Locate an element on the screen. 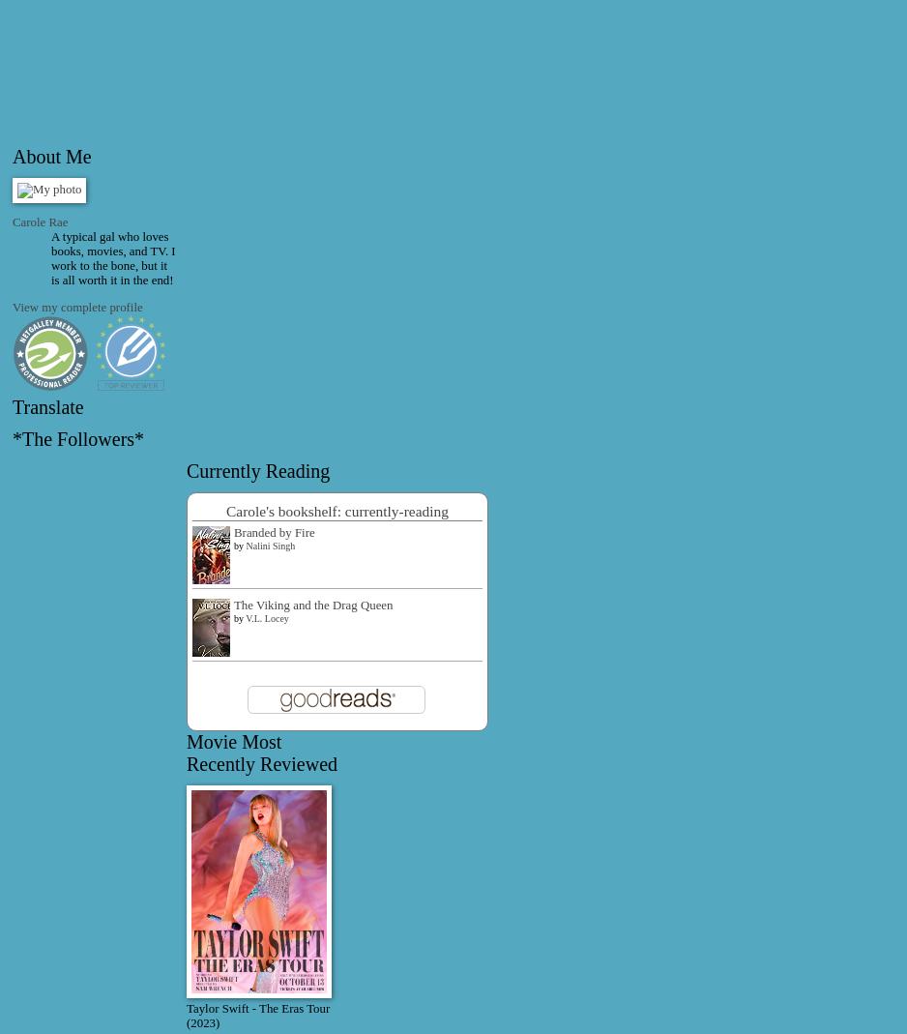 This screenshot has height=1034, width=907. 'Carole's bookshelf: currently-reading' is located at coordinates (336, 509).